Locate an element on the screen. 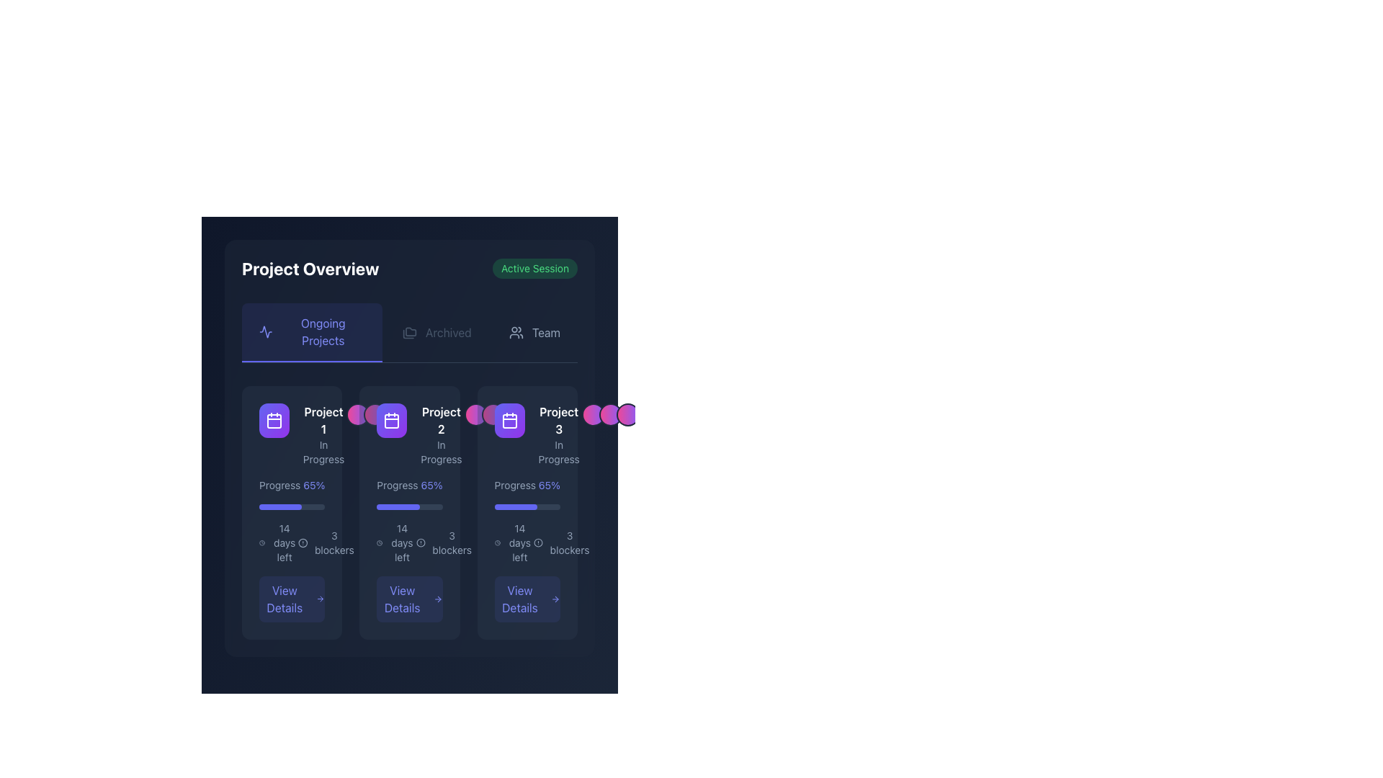 This screenshot has width=1383, height=778. the informational label displaying '3 blockers' with a warning icon, located in the Ongoing Projects section below the 'Progress 65%' indicator is located at coordinates (326, 542).